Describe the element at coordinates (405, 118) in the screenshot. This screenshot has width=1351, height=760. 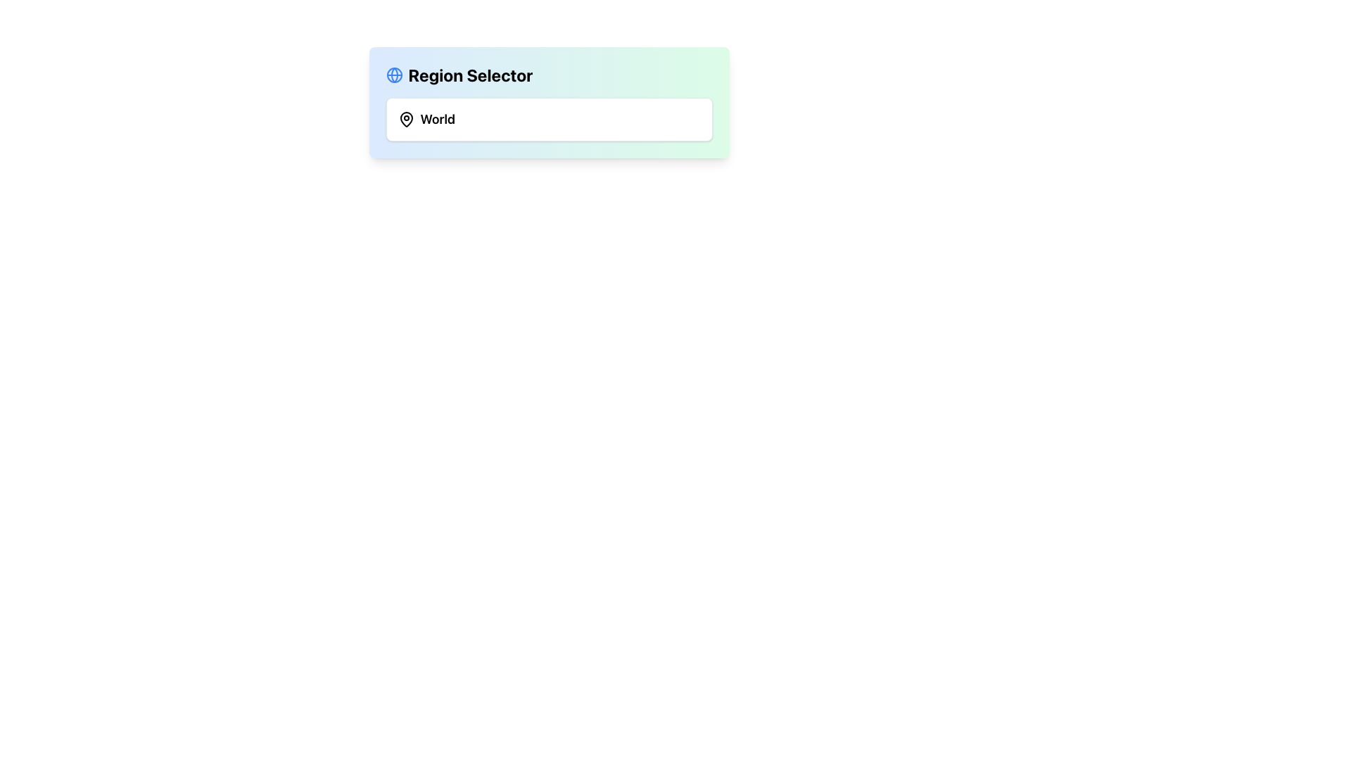
I see `the black outlined map pin icon located to the left of the text 'World' in the 'Region Selector' interface` at that location.